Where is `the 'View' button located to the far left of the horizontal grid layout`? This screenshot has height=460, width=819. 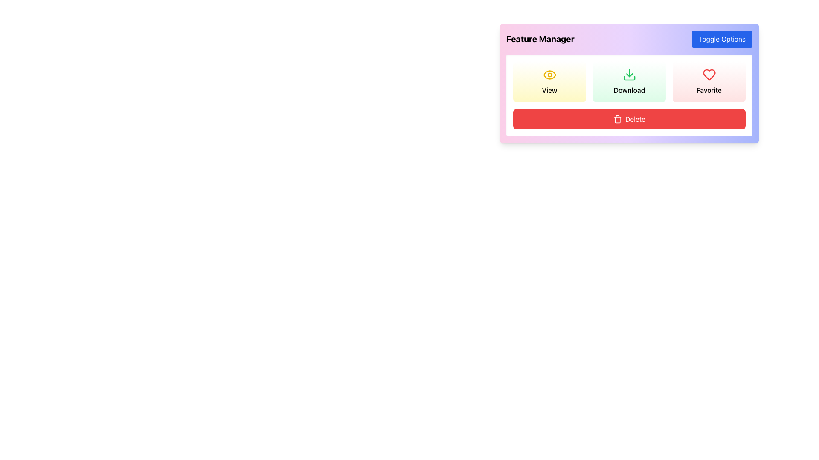 the 'View' button located to the far left of the horizontal grid layout is located at coordinates (549, 82).